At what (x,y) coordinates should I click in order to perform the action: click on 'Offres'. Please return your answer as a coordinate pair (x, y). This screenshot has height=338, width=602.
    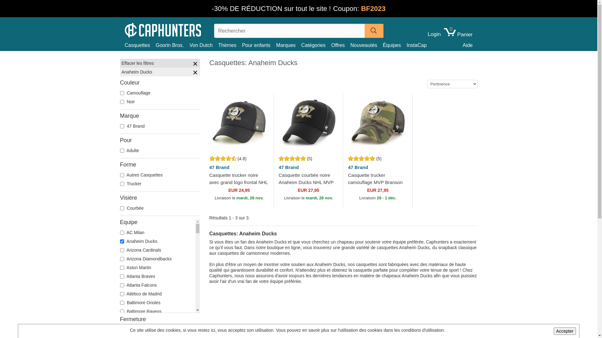
    Looking at the image, I should click on (340, 45).